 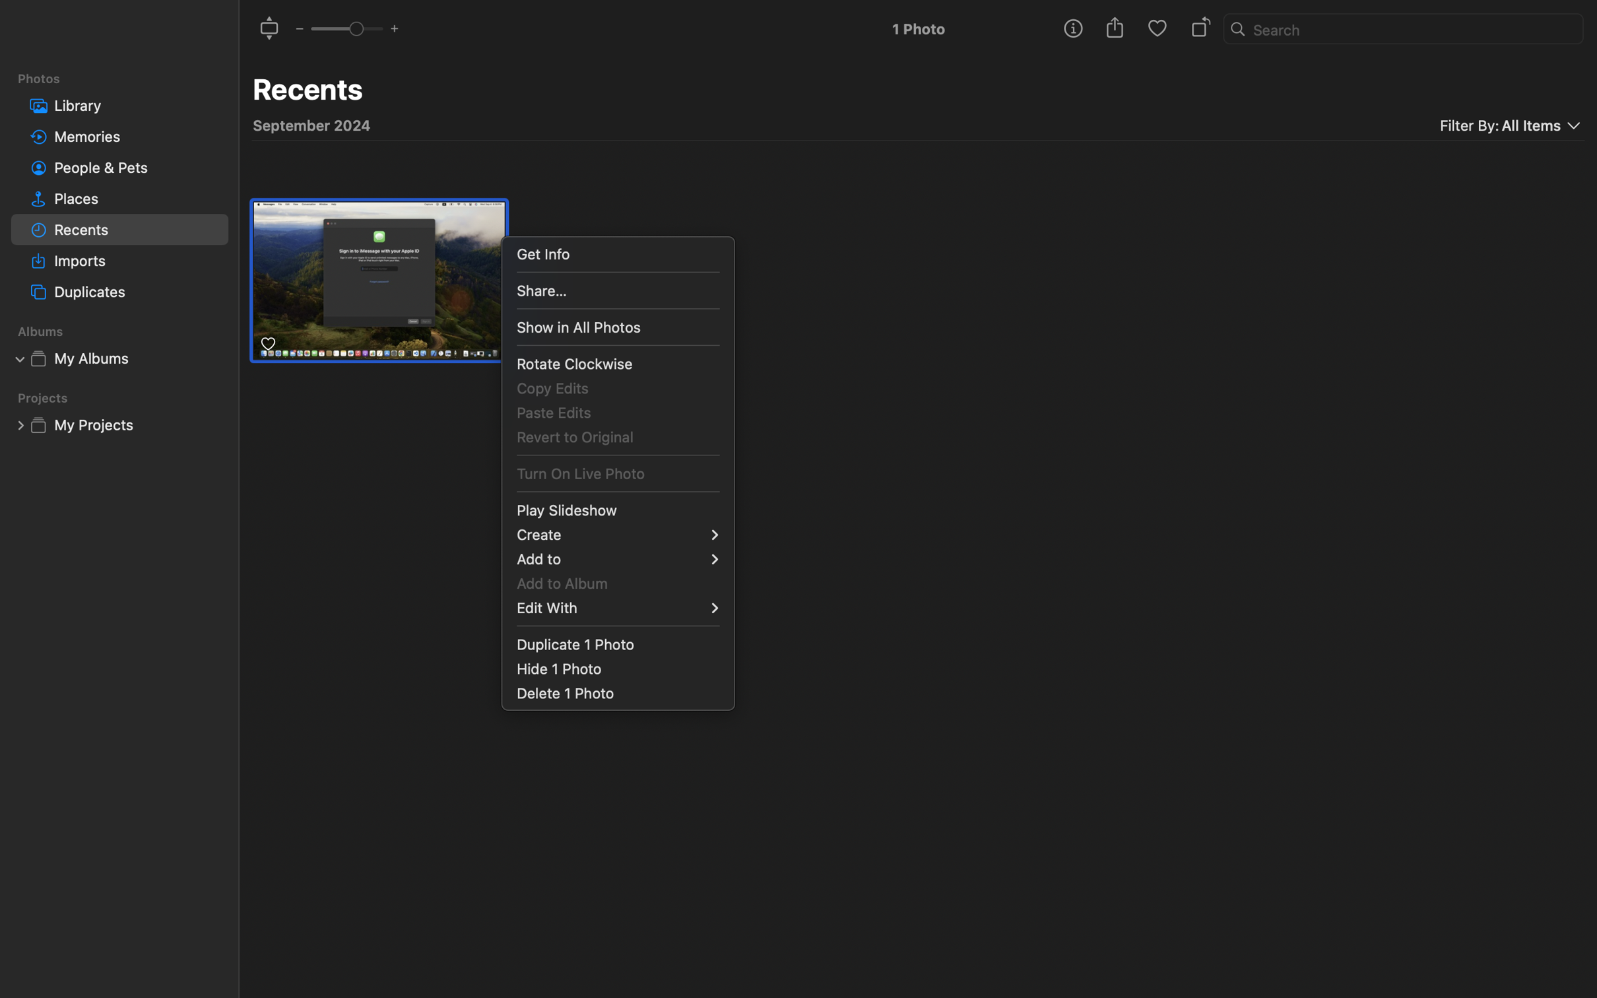 What do you see at coordinates (127, 331) in the screenshot?
I see `'Albums'` at bounding box center [127, 331].